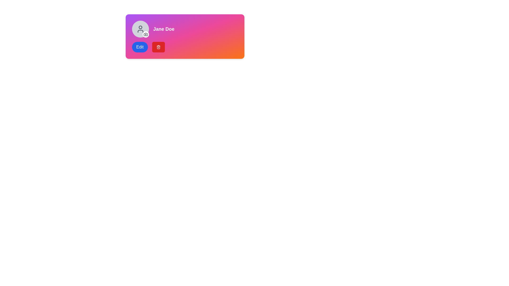 This screenshot has width=509, height=286. Describe the element at coordinates (146, 34) in the screenshot. I see `the icon contained within the white circular button in the bottom-right corner of the profile image` at that location.